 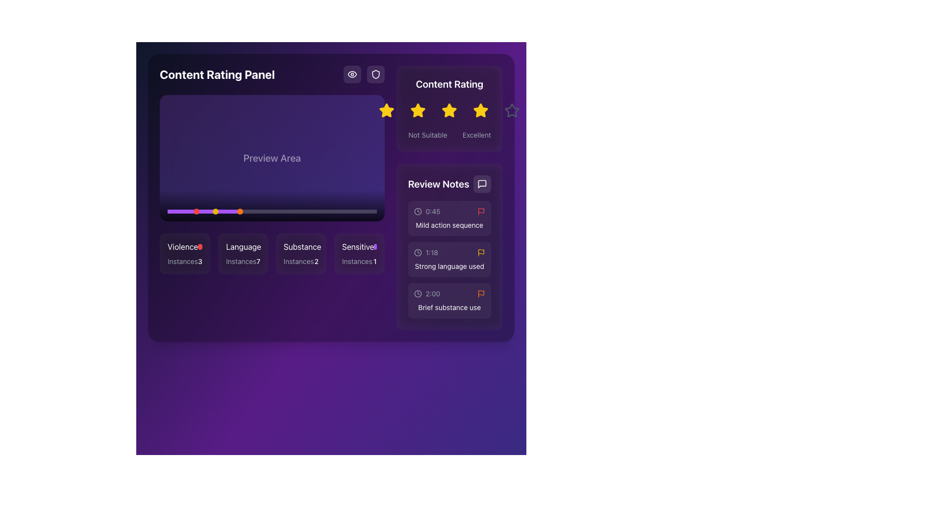 I want to click on the fifth star-shaped icon in the 'Content Rating' section, so click(x=512, y=110).